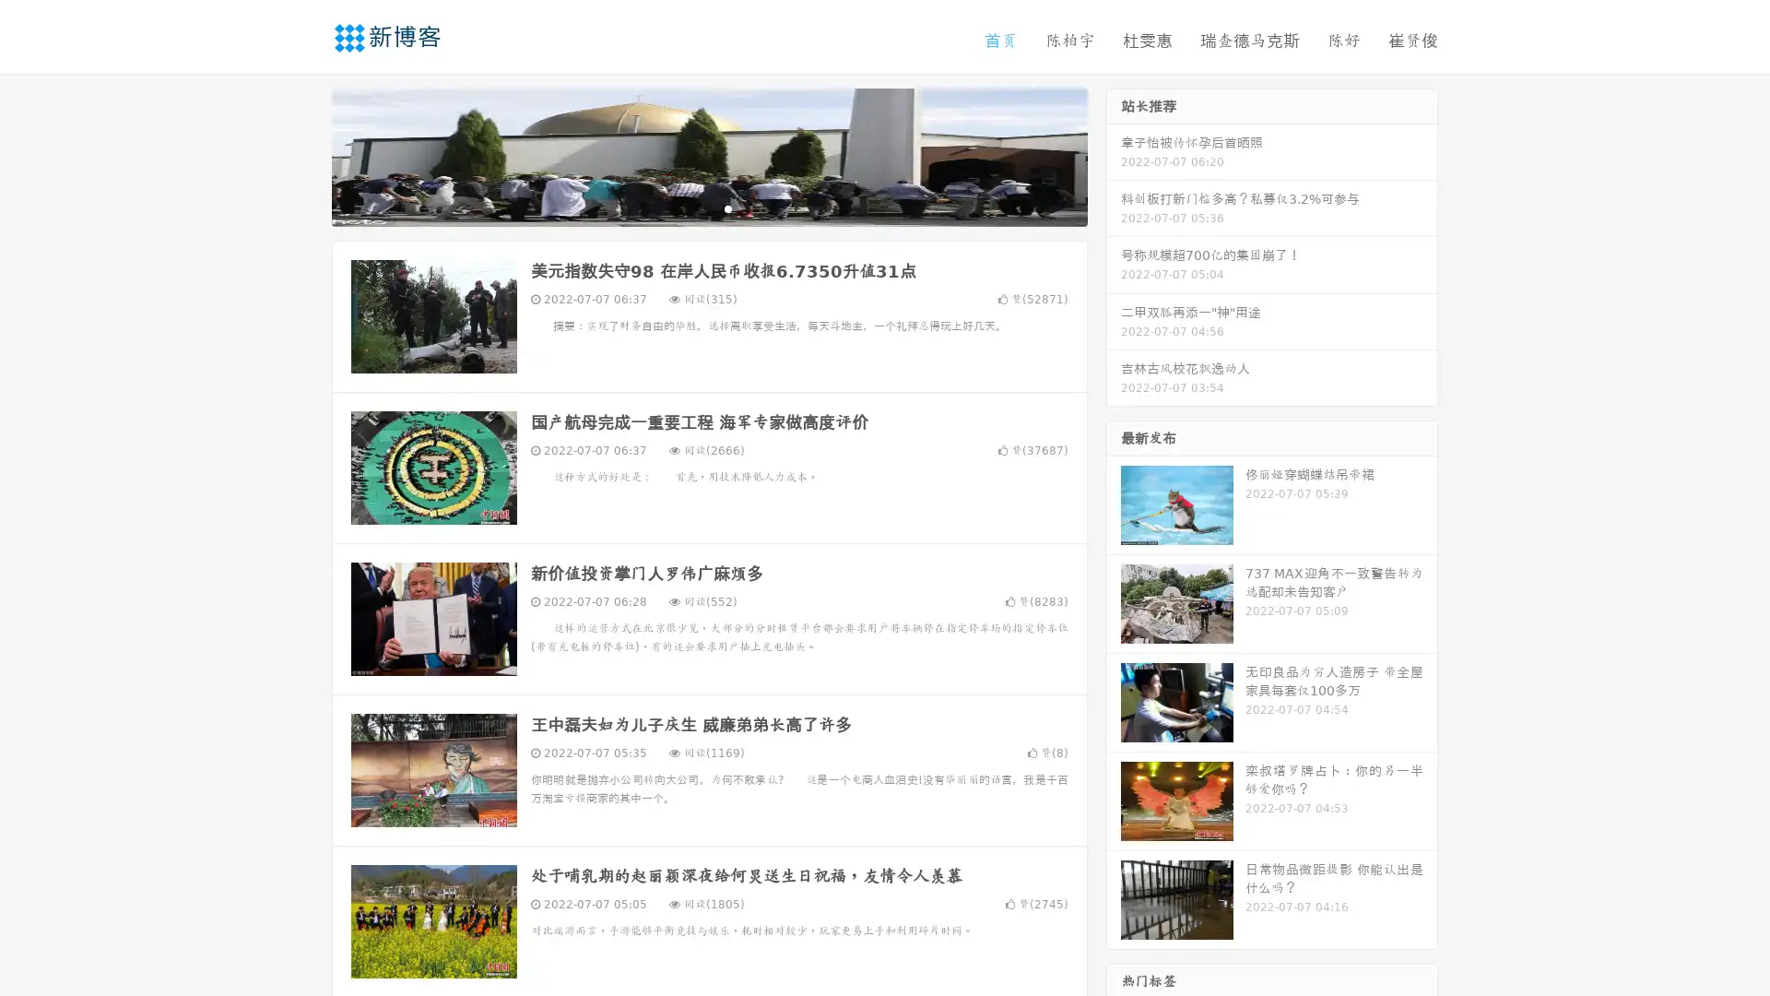 The image size is (1770, 996). I want to click on Go to slide 3, so click(727, 207).